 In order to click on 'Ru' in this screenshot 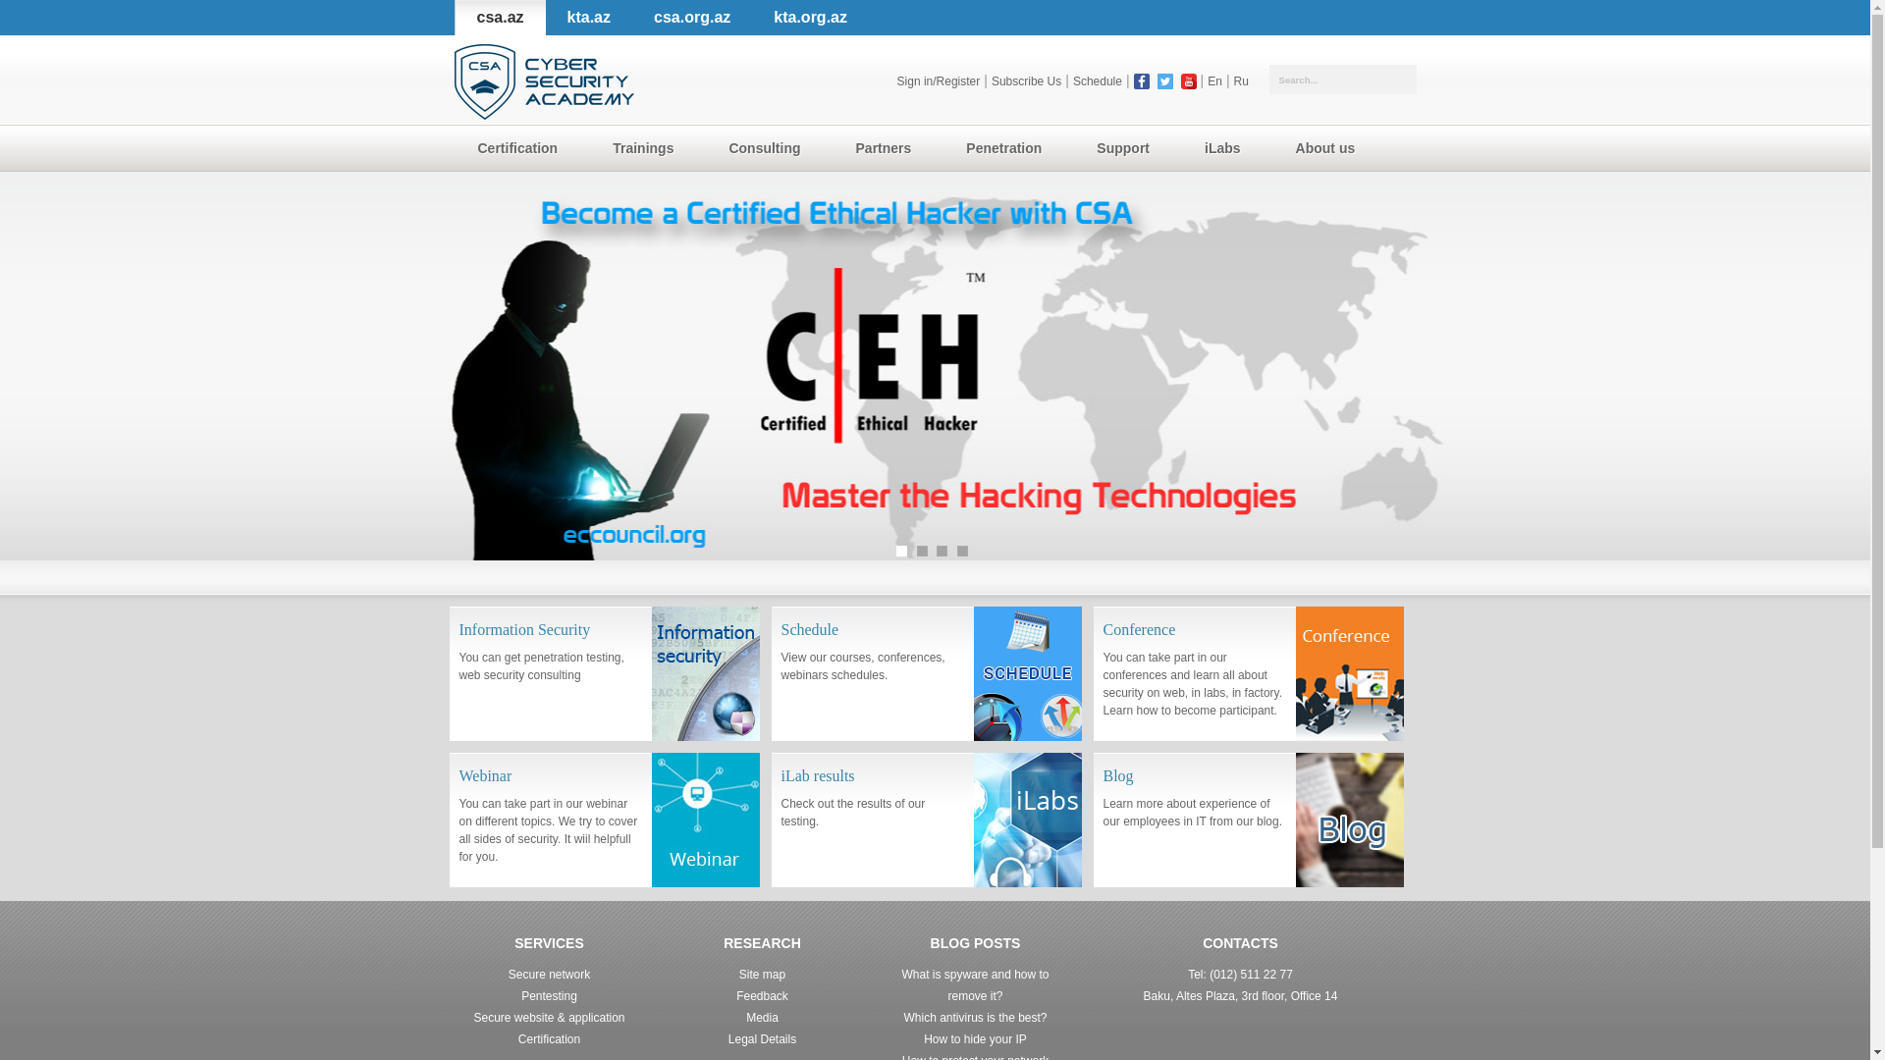, I will do `click(1240, 80)`.